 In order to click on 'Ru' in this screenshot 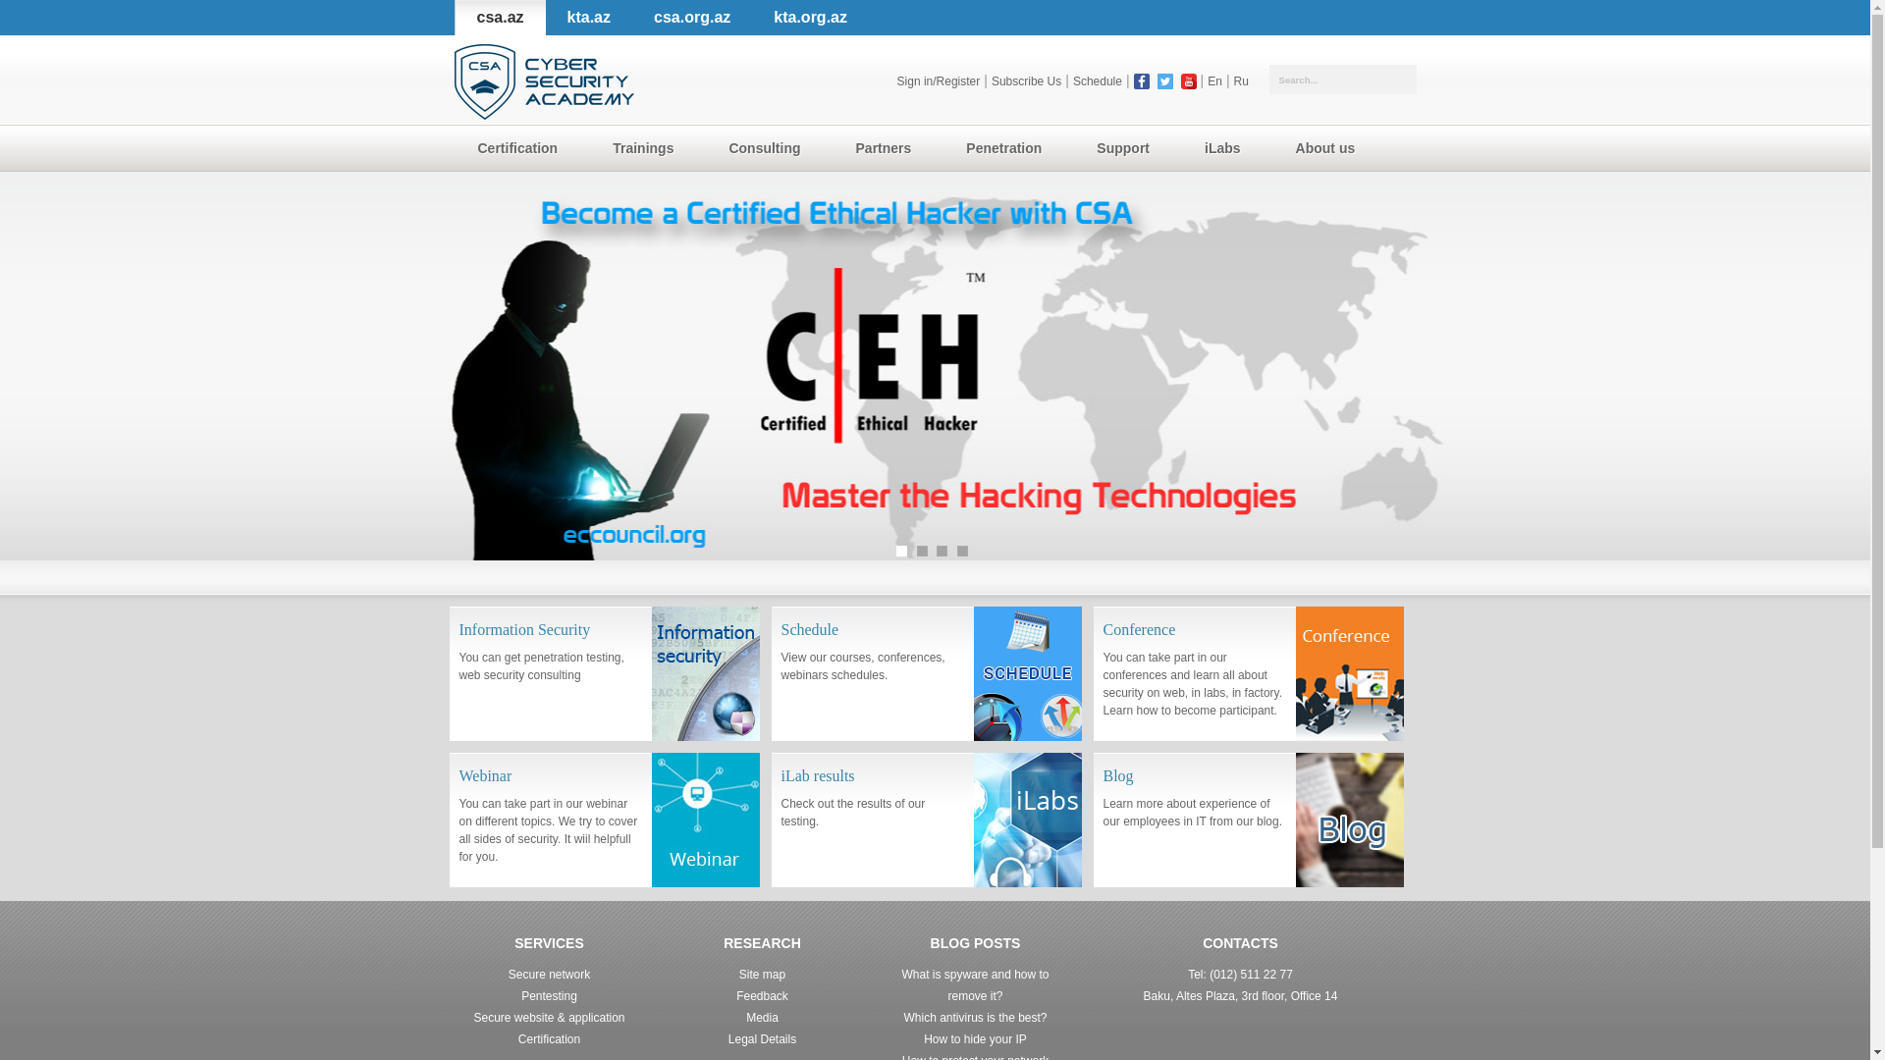, I will do `click(1240, 80)`.